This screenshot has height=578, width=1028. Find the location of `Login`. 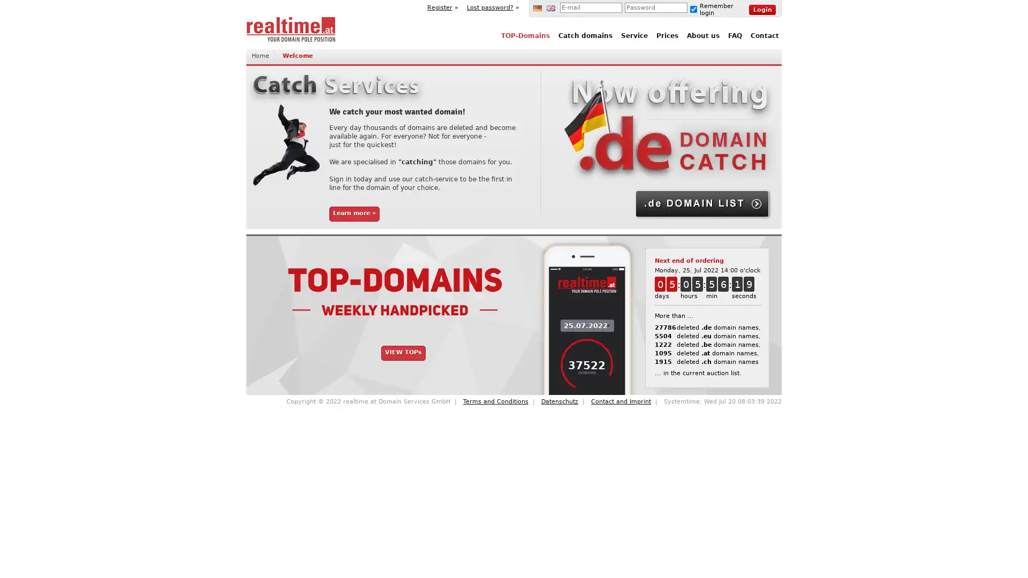

Login is located at coordinates (762, 9).